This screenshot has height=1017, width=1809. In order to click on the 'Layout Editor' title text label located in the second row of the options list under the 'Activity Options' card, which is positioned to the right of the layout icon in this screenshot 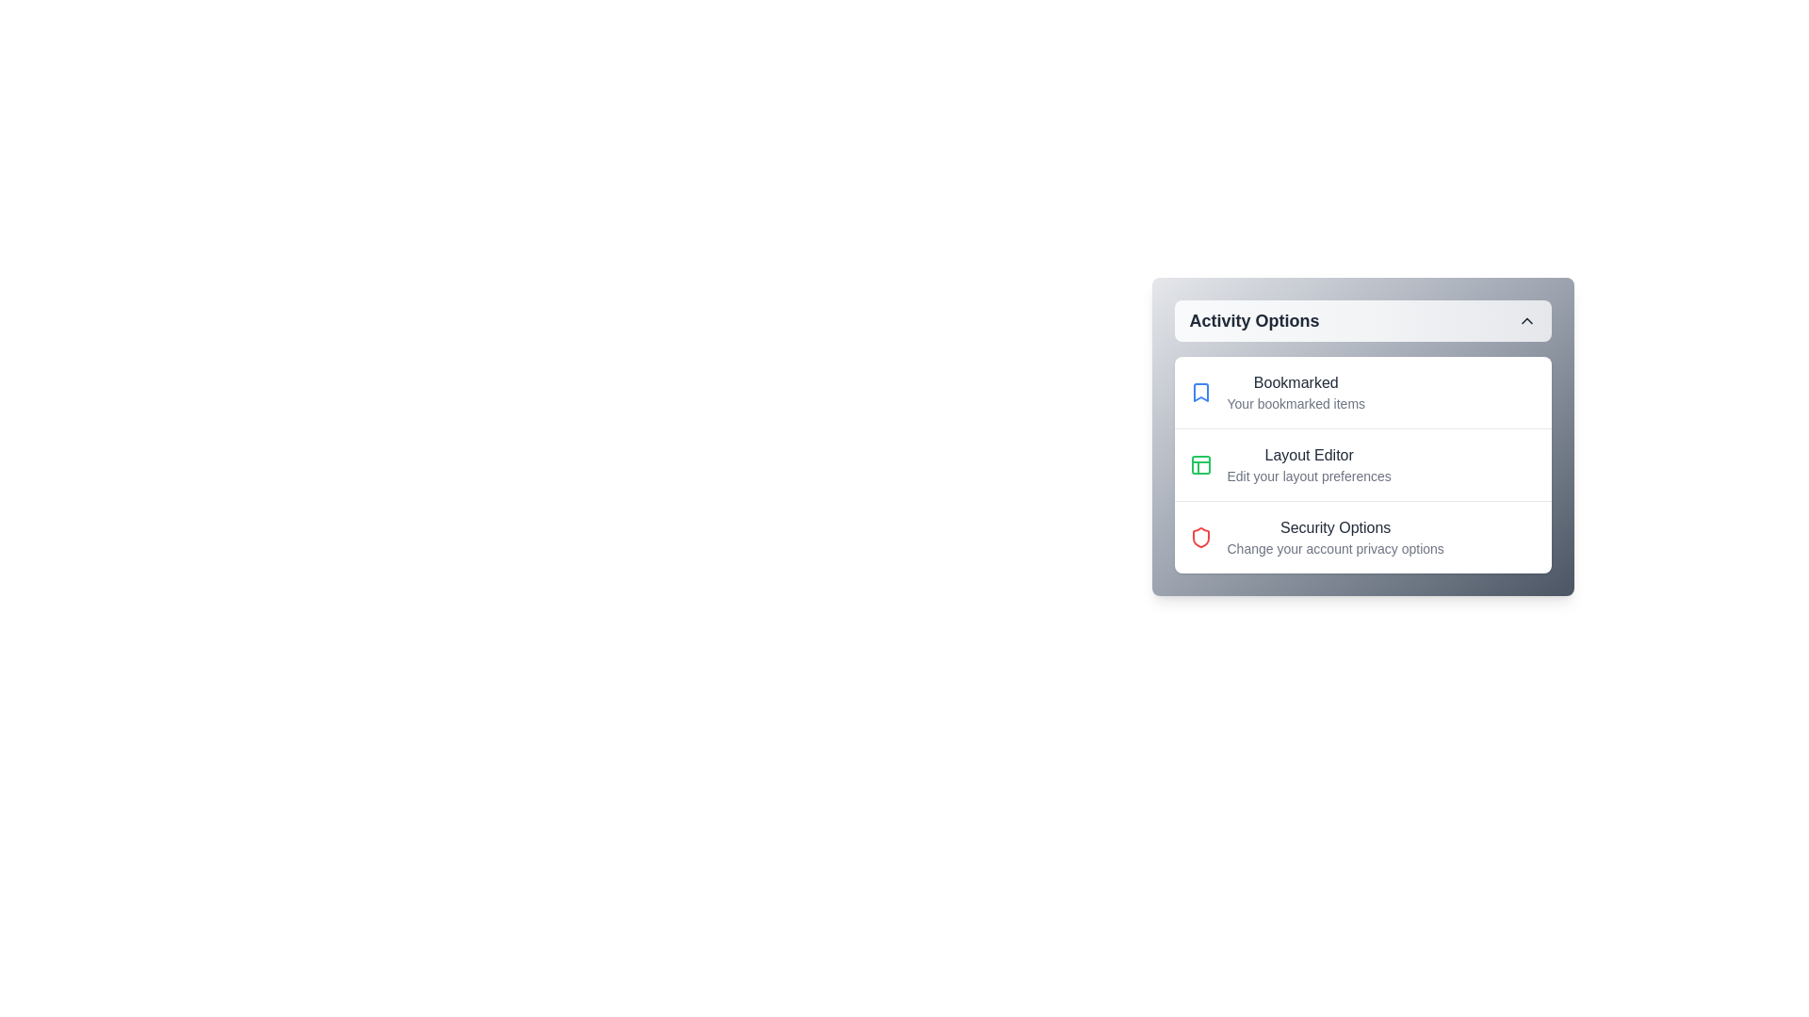, I will do `click(1308, 455)`.